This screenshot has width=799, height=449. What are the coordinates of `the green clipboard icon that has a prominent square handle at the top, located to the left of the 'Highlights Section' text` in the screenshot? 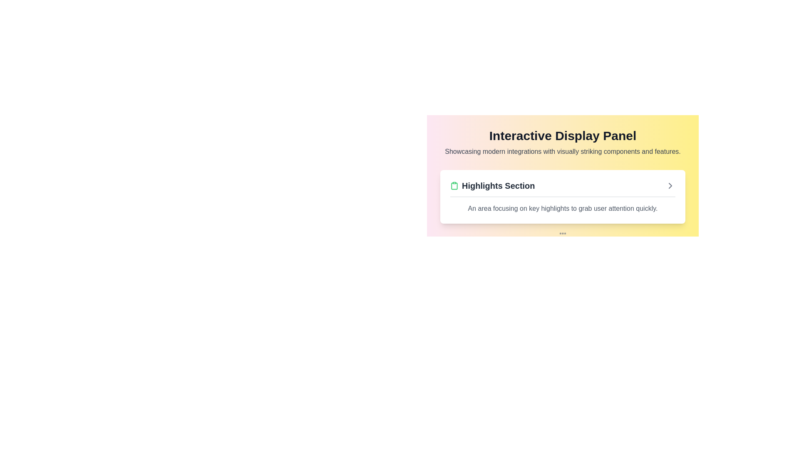 It's located at (454, 185).